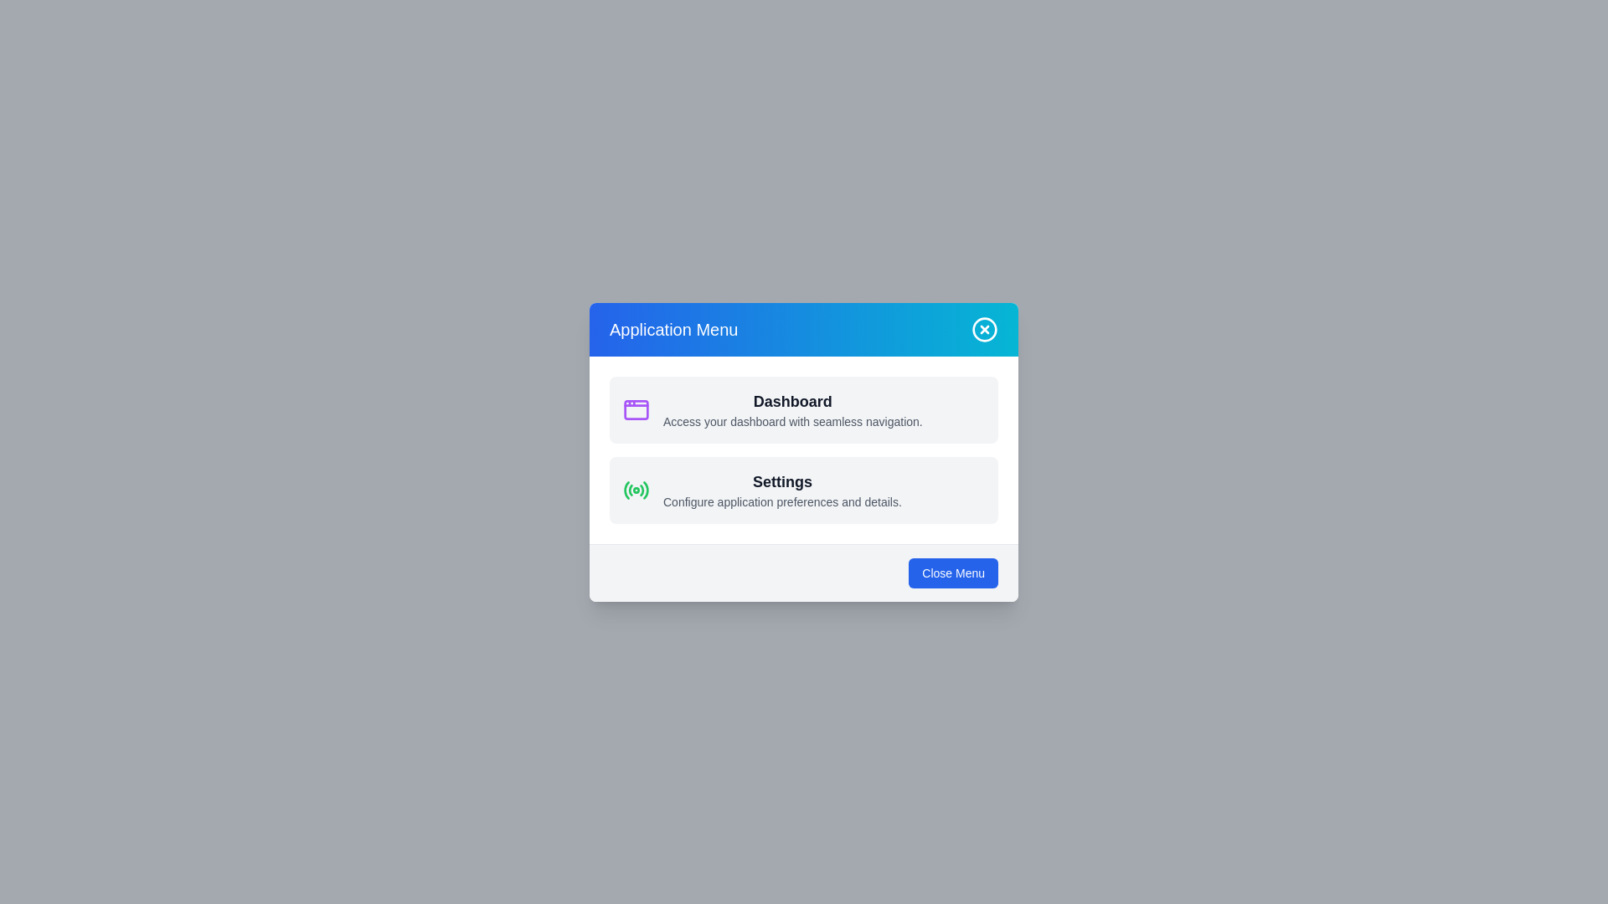 The image size is (1608, 904). What do you see at coordinates (804, 409) in the screenshot?
I see `the menu item Dashboard from the menu` at bounding box center [804, 409].